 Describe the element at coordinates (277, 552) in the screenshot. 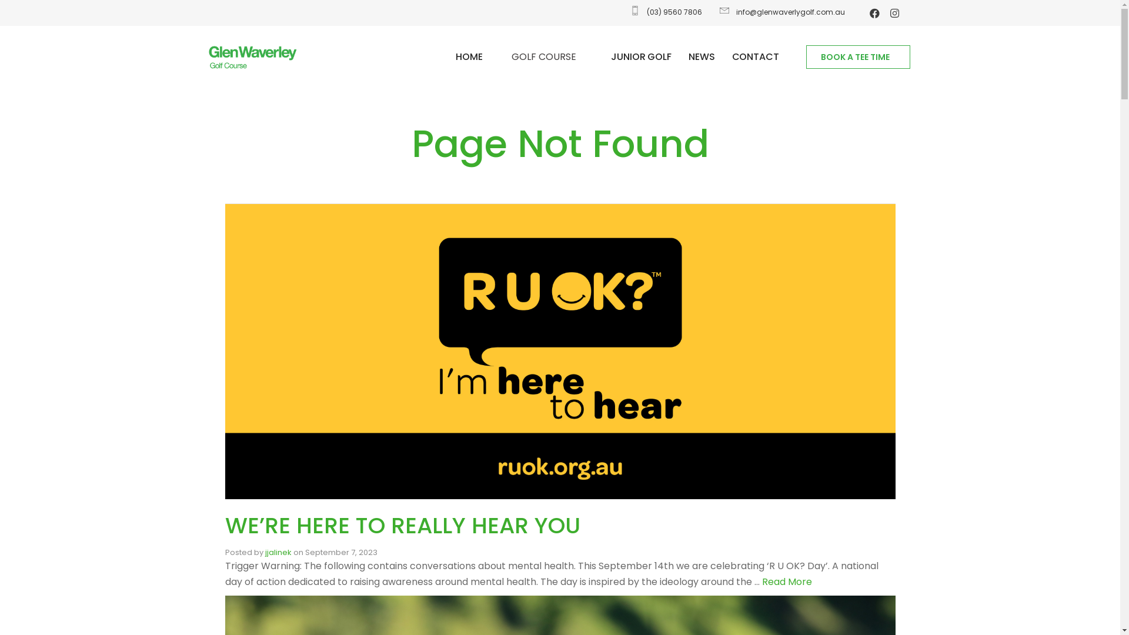

I see `'jjalinek'` at that location.